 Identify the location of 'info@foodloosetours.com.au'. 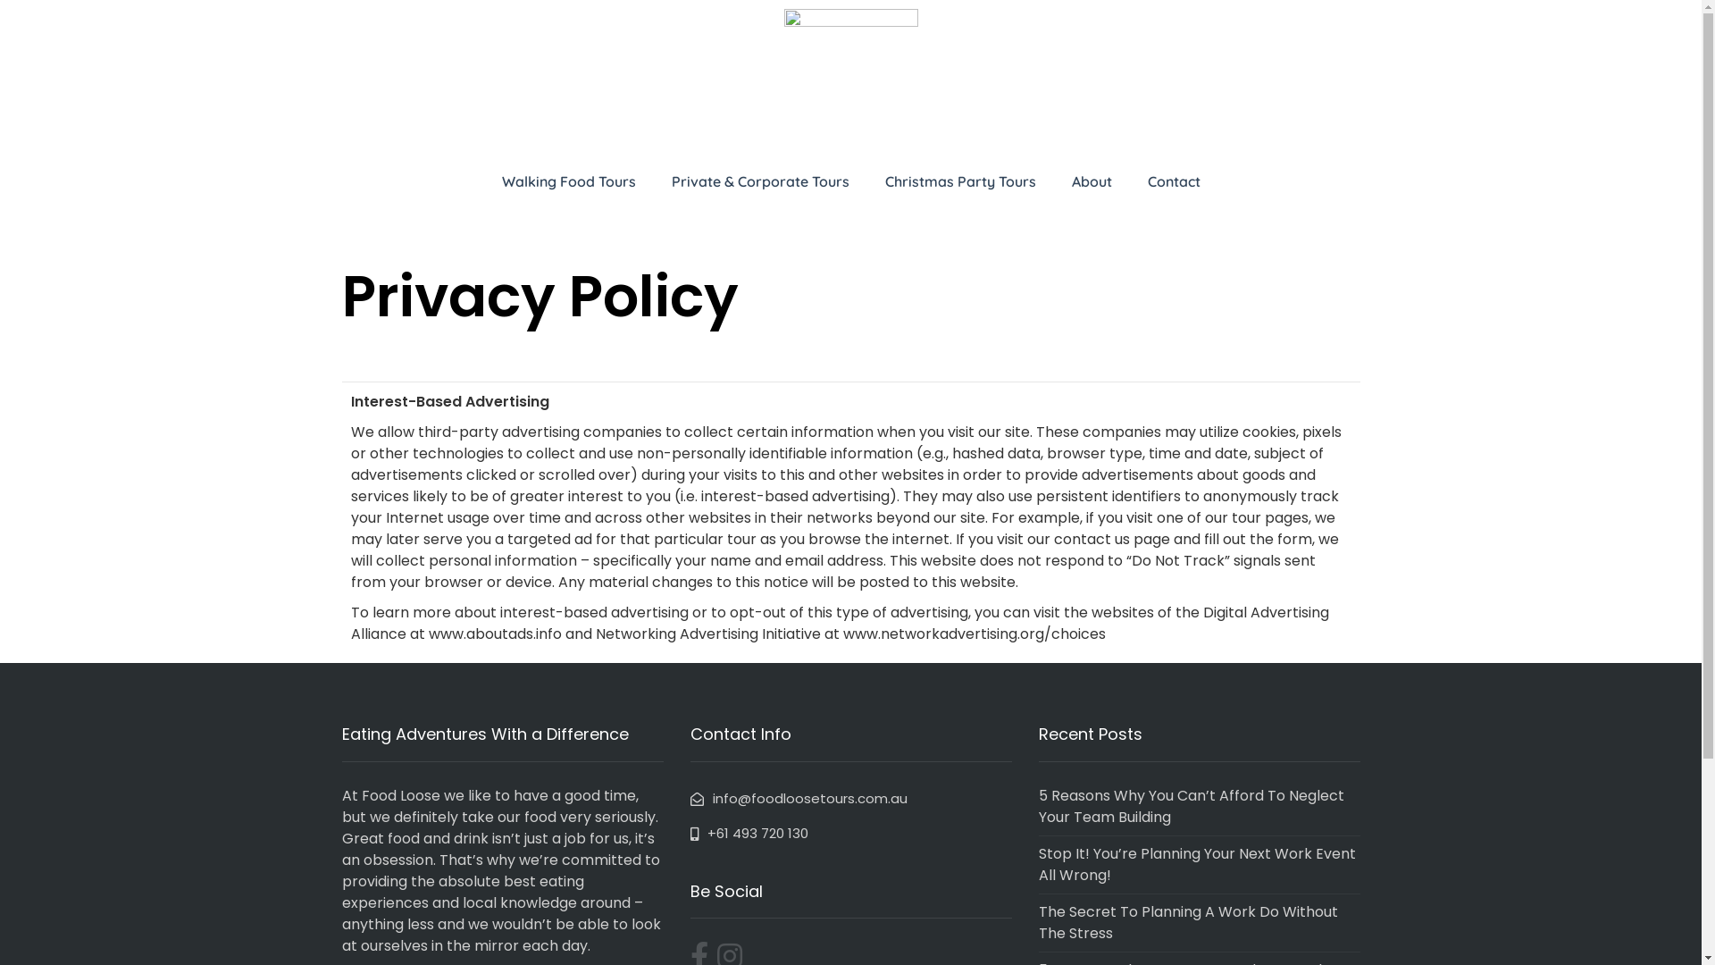
(797, 797).